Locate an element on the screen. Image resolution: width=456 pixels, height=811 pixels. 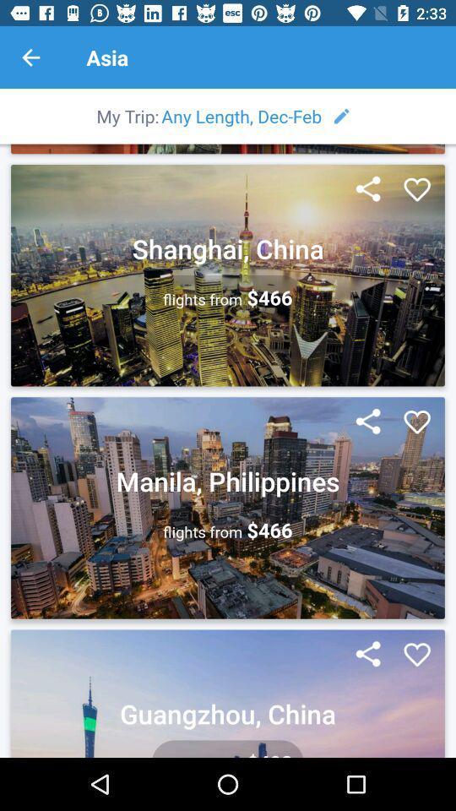
location is located at coordinates (416, 422).